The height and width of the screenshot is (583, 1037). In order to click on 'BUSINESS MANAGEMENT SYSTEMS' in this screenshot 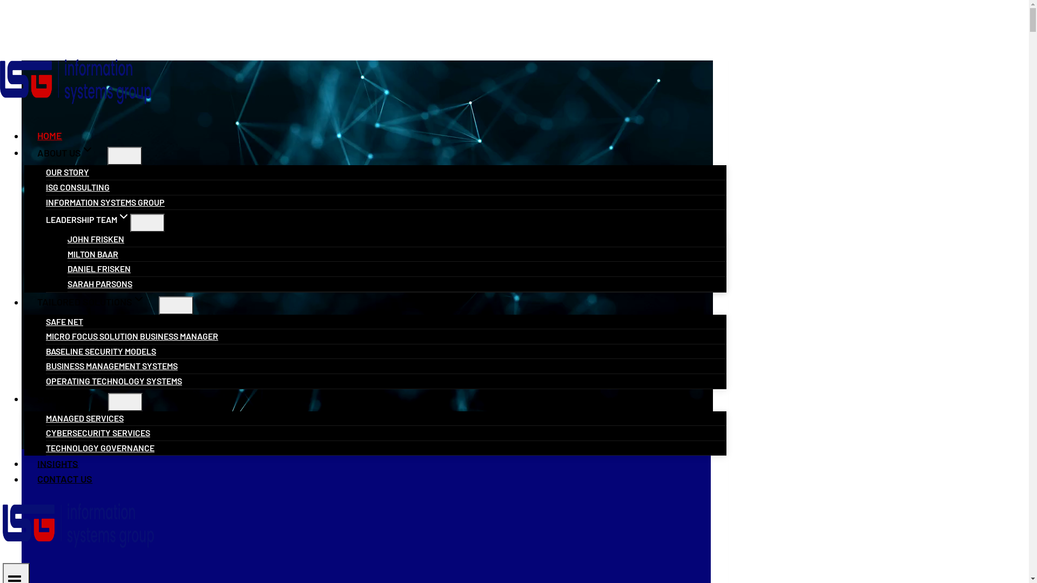, I will do `click(111, 365)`.